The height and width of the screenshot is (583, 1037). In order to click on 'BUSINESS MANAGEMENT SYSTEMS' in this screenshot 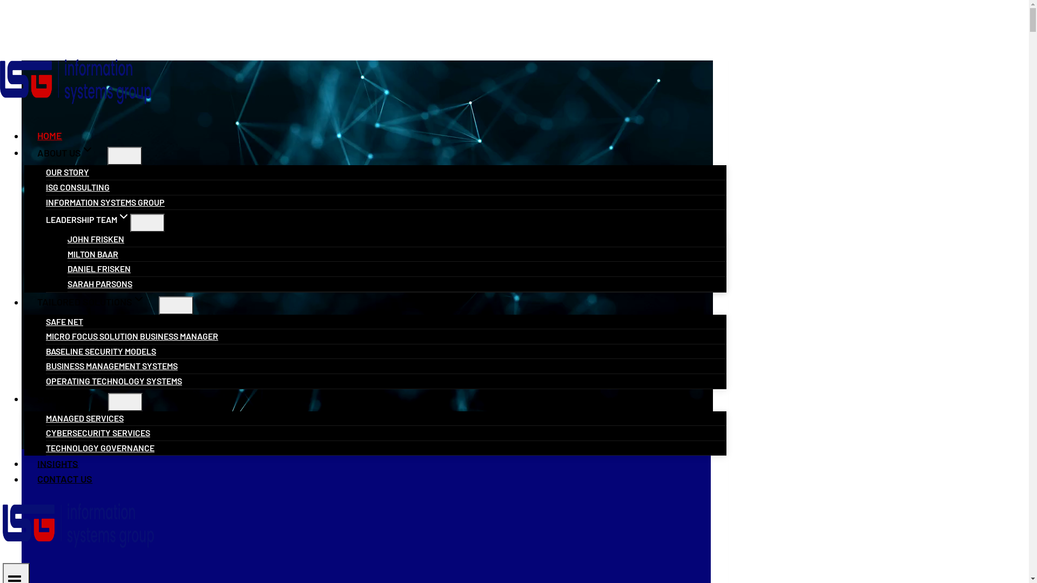, I will do `click(111, 365)`.